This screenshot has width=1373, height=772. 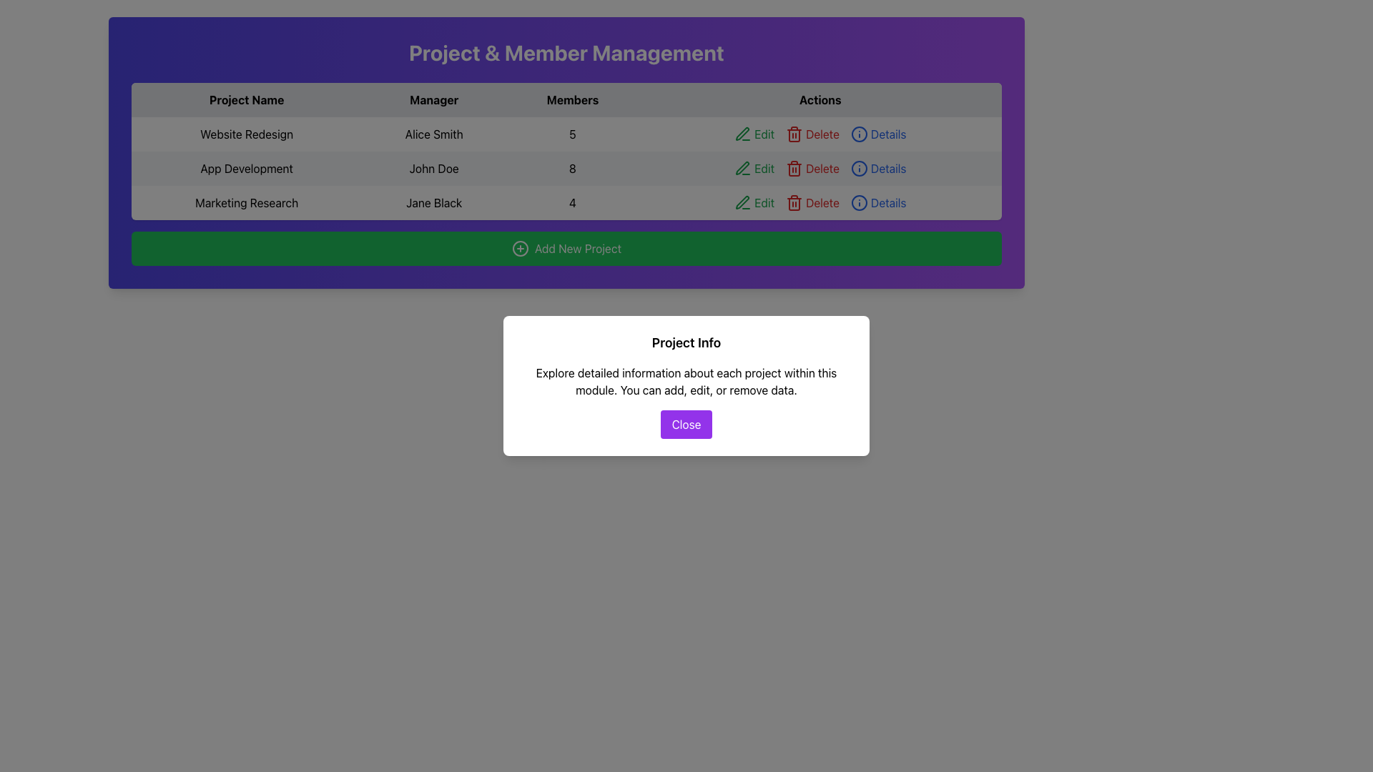 What do you see at coordinates (812, 203) in the screenshot?
I see `the red 'Delete' button, which is located in the 'Actions' column of the 'Project Management' table, to initiate deletion` at bounding box center [812, 203].